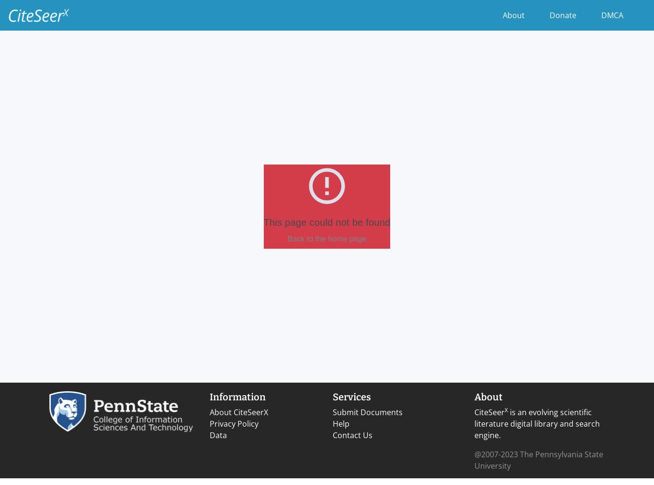 This screenshot has height=485, width=654. Describe the element at coordinates (489, 412) in the screenshot. I see `'CiteSeer'` at that location.